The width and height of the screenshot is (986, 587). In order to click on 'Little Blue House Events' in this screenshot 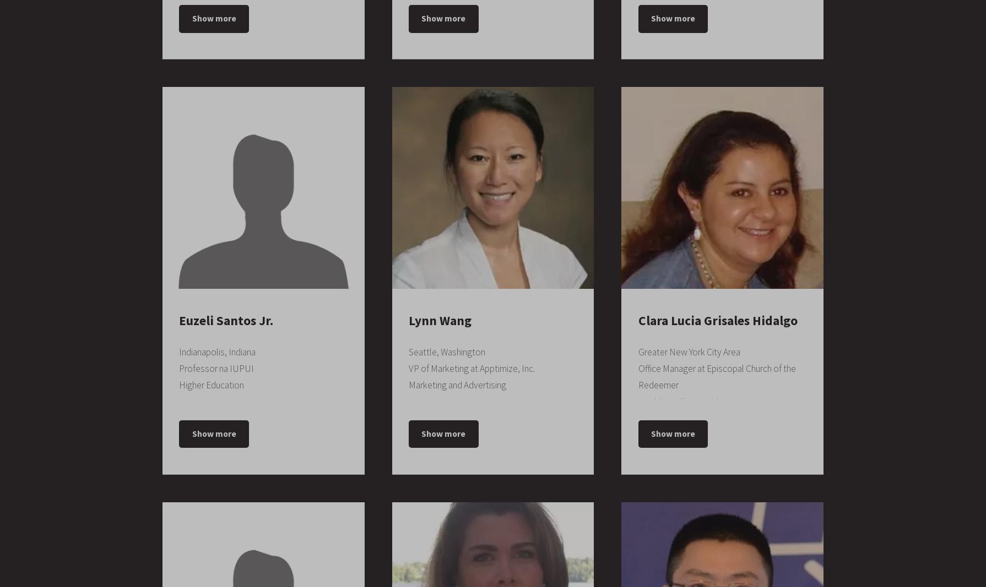, I will do `click(688, 570)`.